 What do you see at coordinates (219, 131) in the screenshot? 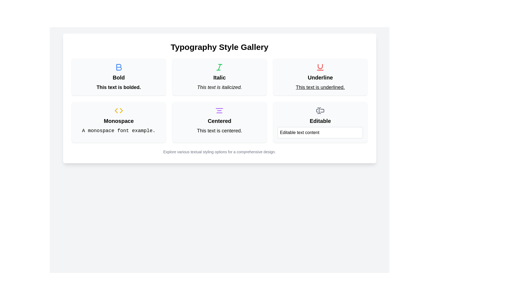
I see `the static text element displaying 'This text is centered.' which is located within the 'Centered' module` at bounding box center [219, 131].